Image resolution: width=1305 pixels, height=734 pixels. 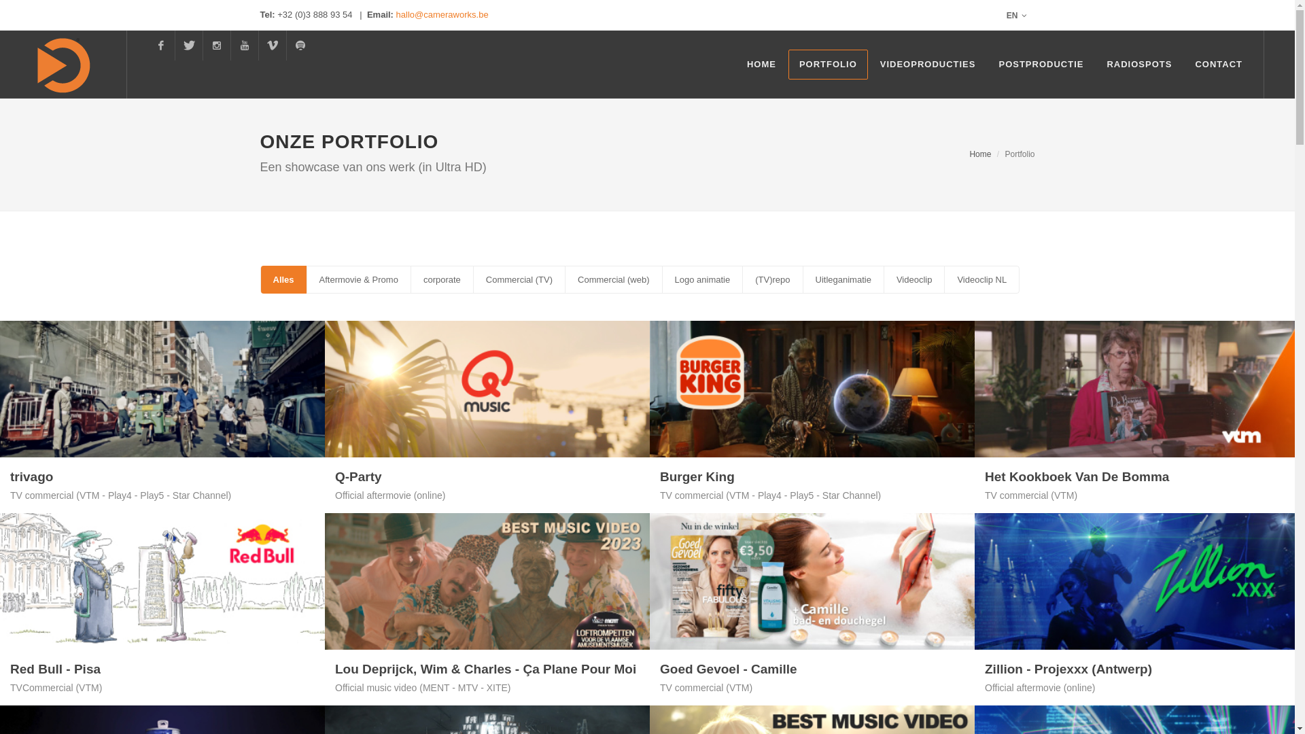 What do you see at coordinates (702, 279) in the screenshot?
I see `'Logo animatie'` at bounding box center [702, 279].